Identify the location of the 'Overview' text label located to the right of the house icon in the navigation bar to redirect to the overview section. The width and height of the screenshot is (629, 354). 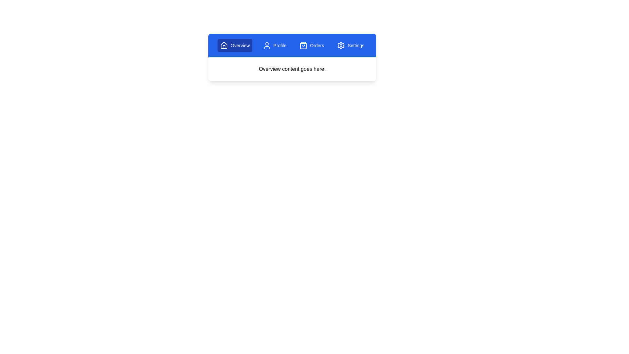
(240, 45).